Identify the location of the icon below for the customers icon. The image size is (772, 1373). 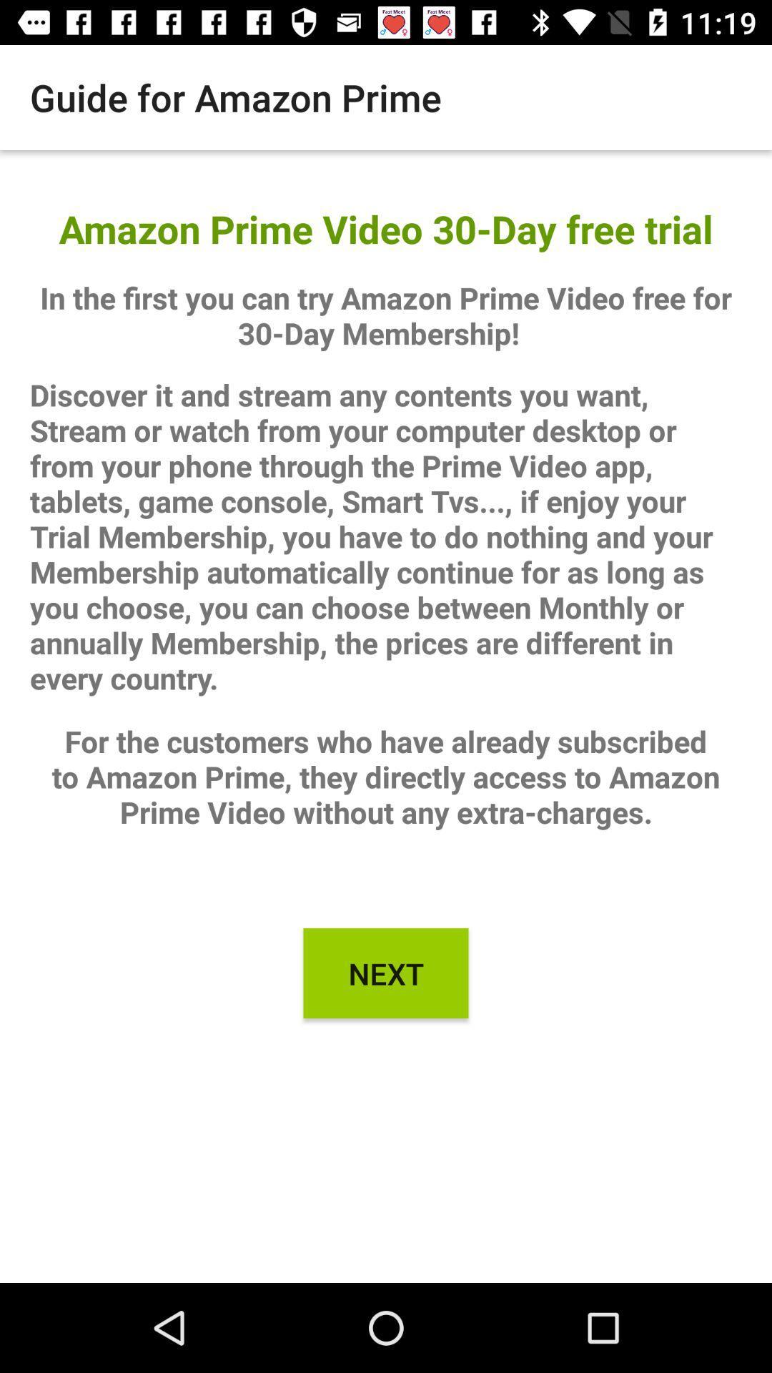
(386, 973).